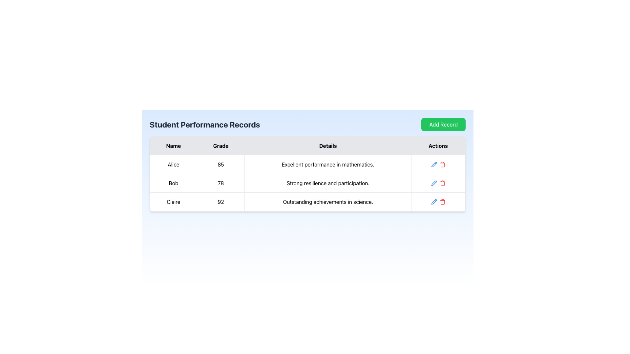 The width and height of the screenshot is (630, 354). Describe the element at coordinates (173, 183) in the screenshot. I see `text displayed in the bold black sans-serif typeface that says 'Bob' located in the 'Name' column of the second row in the 'Student Performance Records' table` at that location.